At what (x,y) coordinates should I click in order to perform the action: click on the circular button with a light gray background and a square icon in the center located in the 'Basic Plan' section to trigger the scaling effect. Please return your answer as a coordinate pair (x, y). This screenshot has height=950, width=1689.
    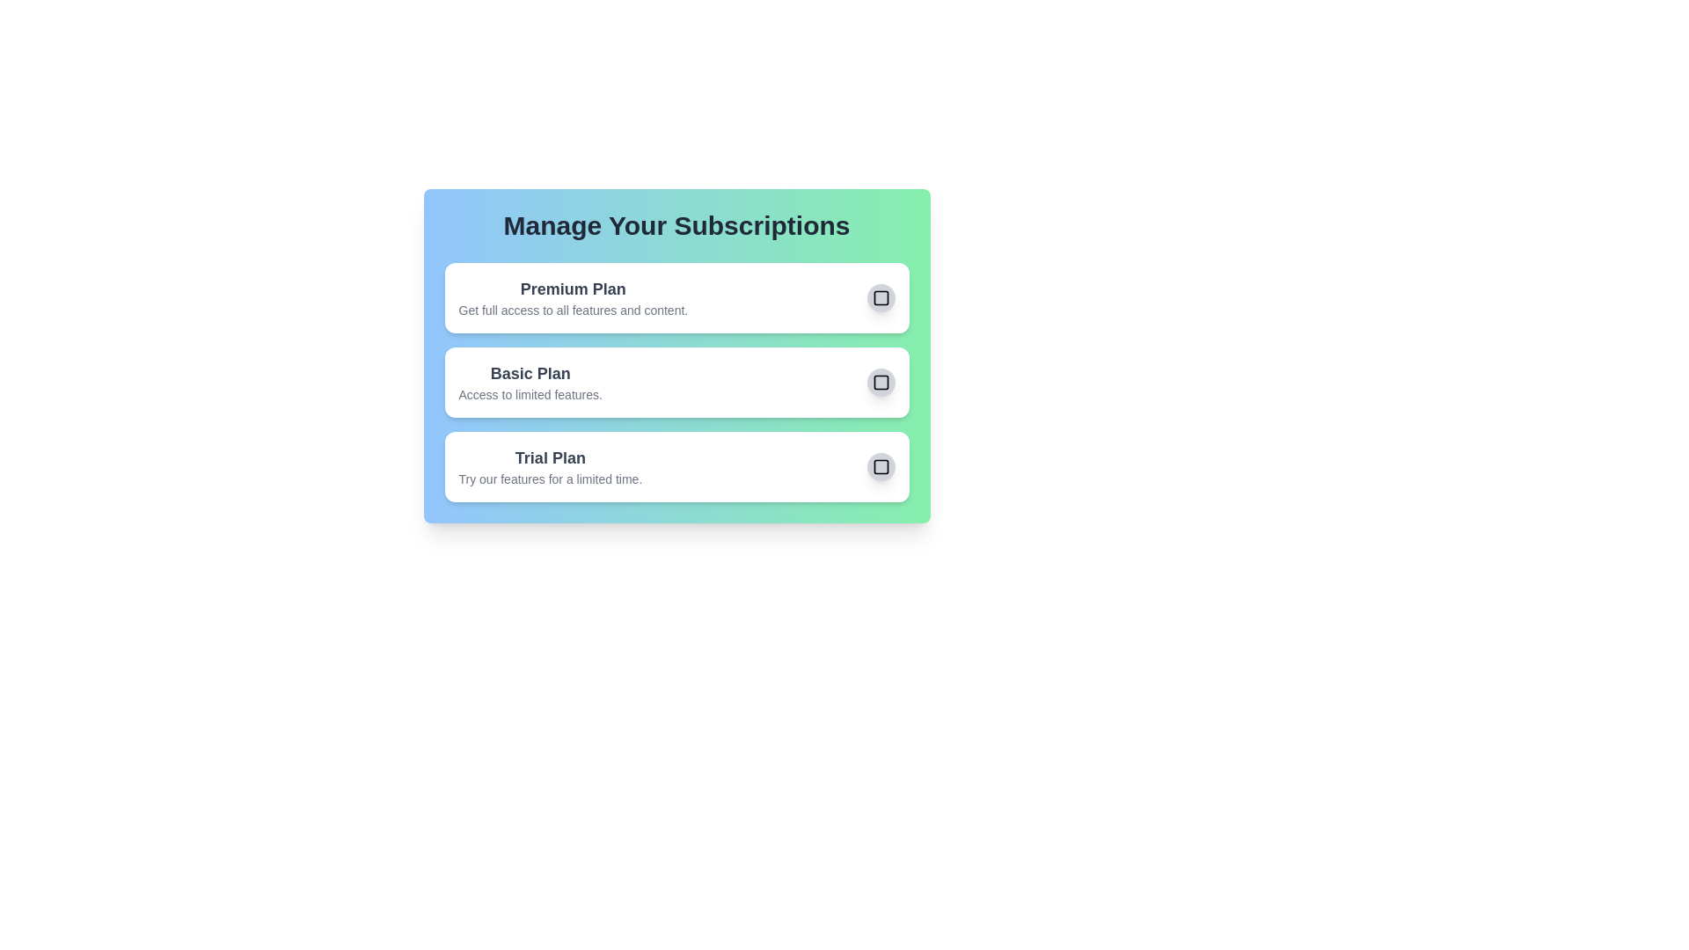
    Looking at the image, I should click on (881, 382).